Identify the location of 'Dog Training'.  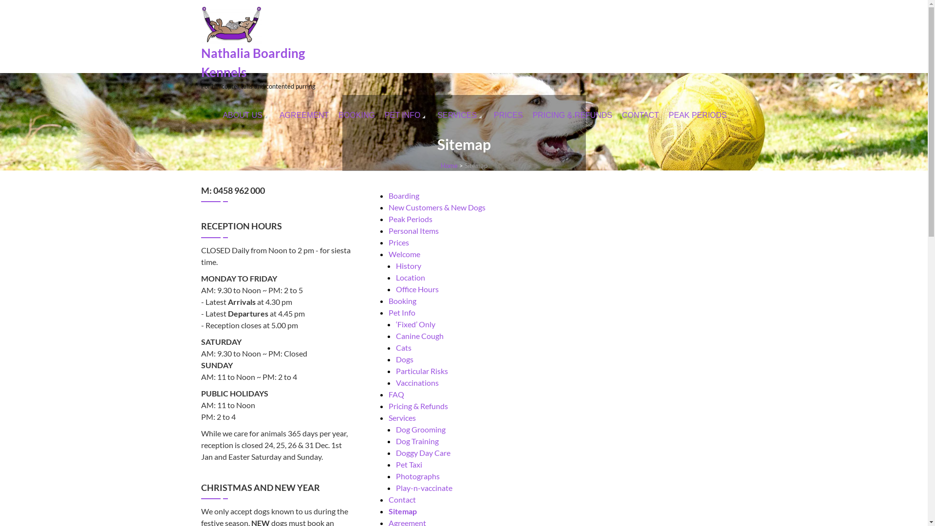
(417, 441).